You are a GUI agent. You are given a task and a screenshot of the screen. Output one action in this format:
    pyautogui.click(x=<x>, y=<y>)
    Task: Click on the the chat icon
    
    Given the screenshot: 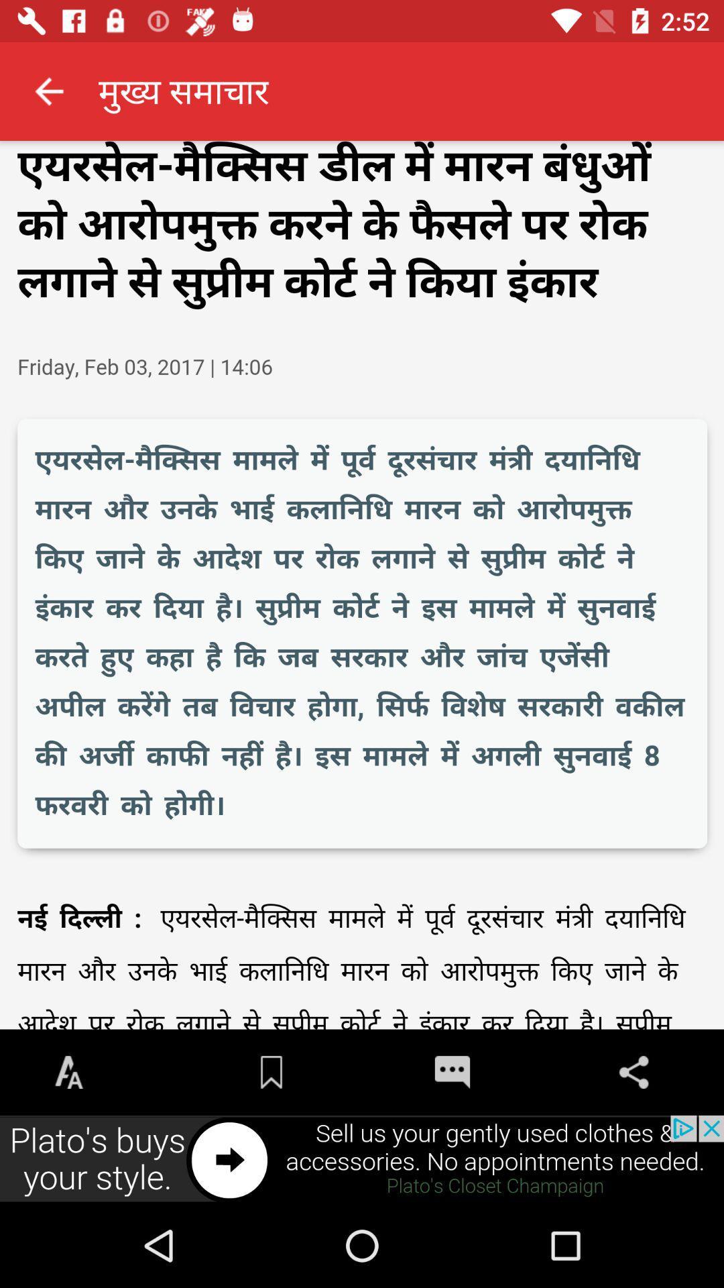 What is the action you would take?
    pyautogui.click(x=452, y=1071)
    